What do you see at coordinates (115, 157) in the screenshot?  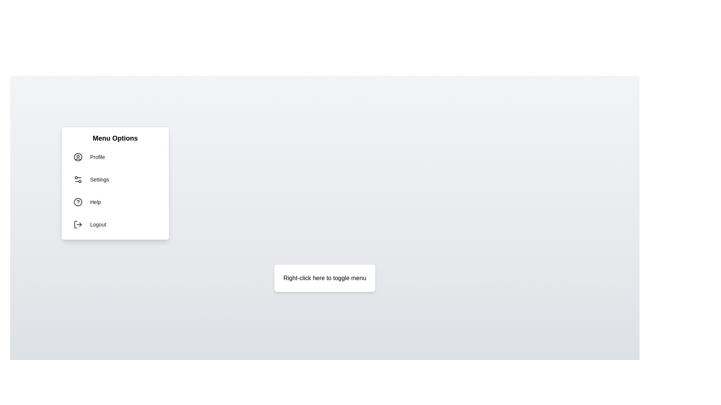 I see `the menu option Profile from the menu` at bounding box center [115, 157].